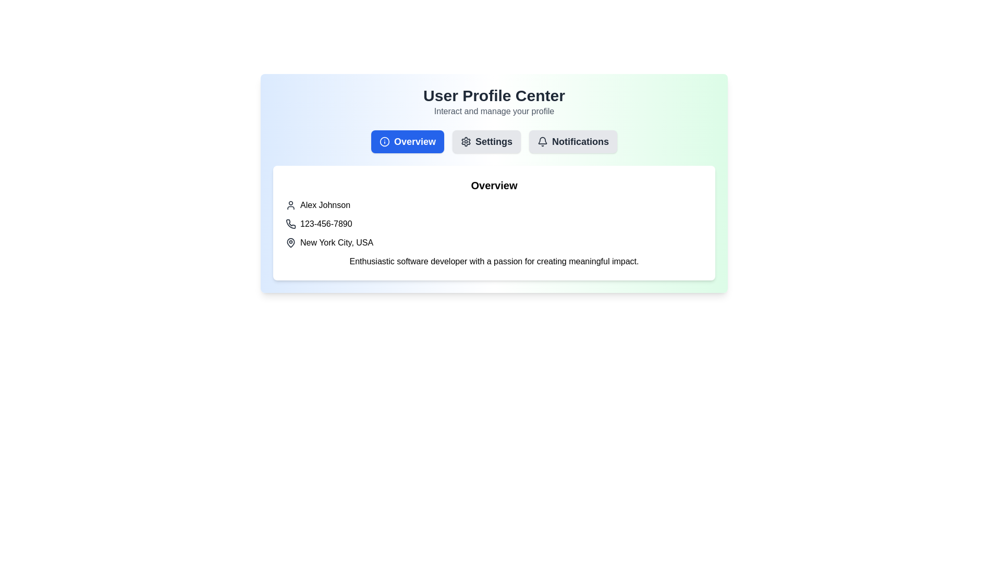 This screenshot has width=1001, height=563. What do you see at coordinates (290, 242) in the screenshot?
I see `the map pin icon, which has a circular hole at the top and a pointed bottom, located directly to the left of the text 'New York City, USA.'` at bounding box center [290, 242].